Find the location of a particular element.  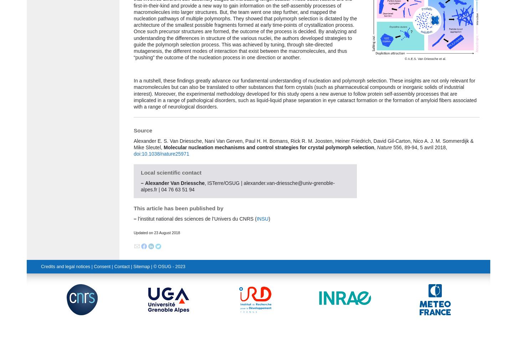

'Sitemap' is located at coordinates (141, 266).